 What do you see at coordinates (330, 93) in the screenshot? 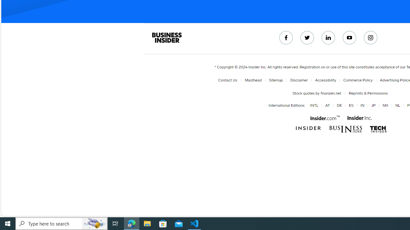
I see `'finanzen.net'` at bounding box center [330, 93].